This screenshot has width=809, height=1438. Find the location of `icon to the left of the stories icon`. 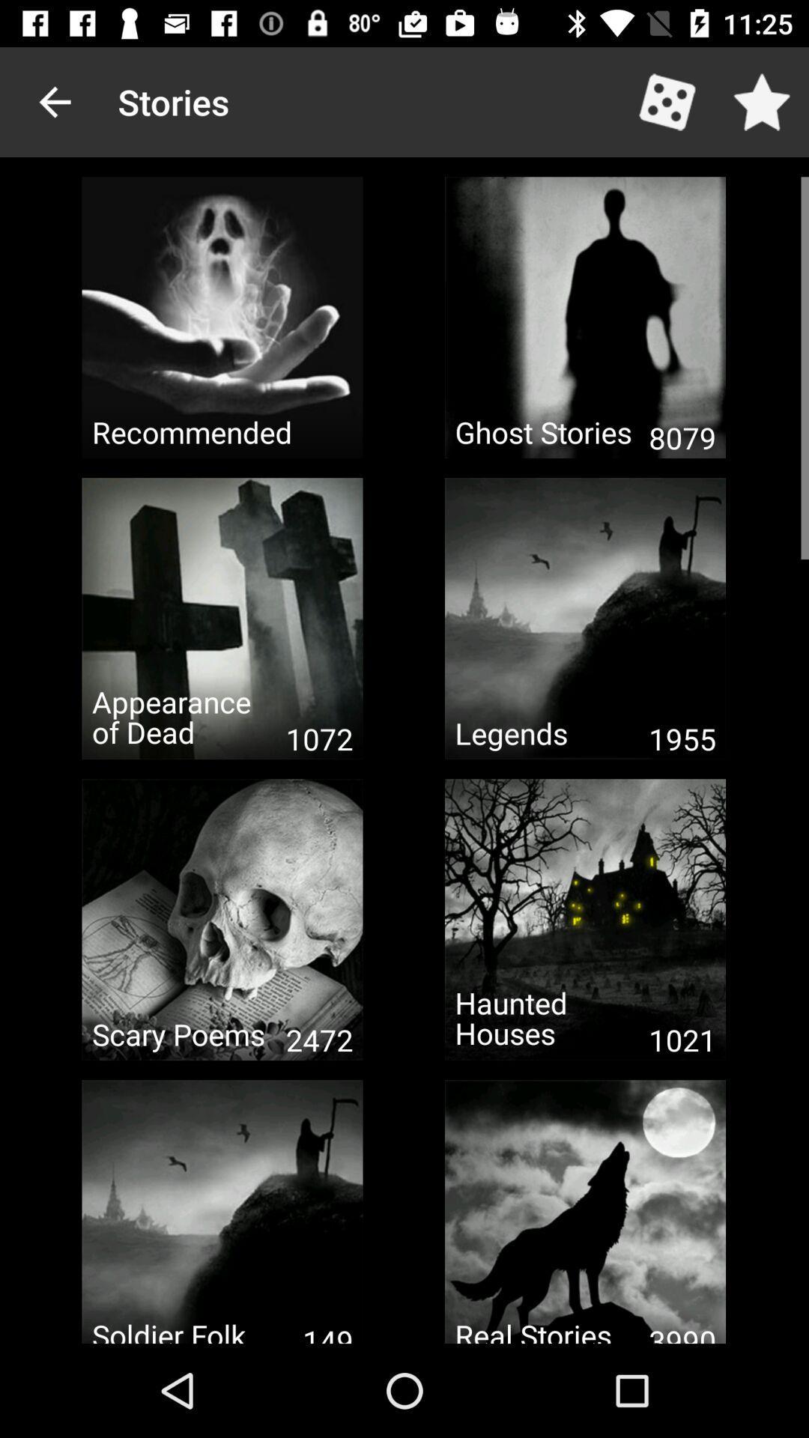

icon to the left of the stories icon is located at coordinates (54, 101).